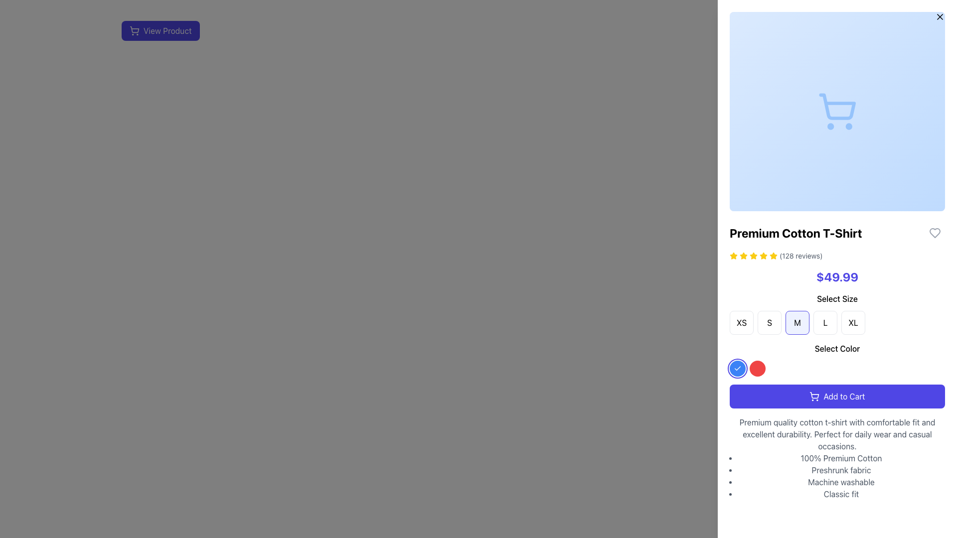 This screenshot has width=957, height=538. What do you see at coordinates (737, 369) in the screenshot?
I see `the first circular button representing the blue color option located beneath the 'Select Color' label` at bounding box center [737, 369].